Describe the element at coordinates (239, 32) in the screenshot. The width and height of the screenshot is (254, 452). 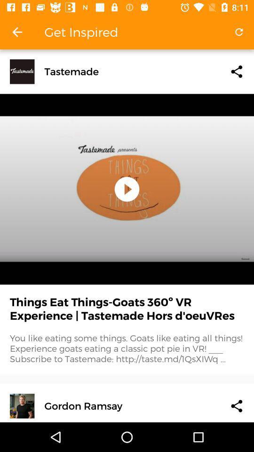
I see `the app to the right of get inspired icon` at that location.